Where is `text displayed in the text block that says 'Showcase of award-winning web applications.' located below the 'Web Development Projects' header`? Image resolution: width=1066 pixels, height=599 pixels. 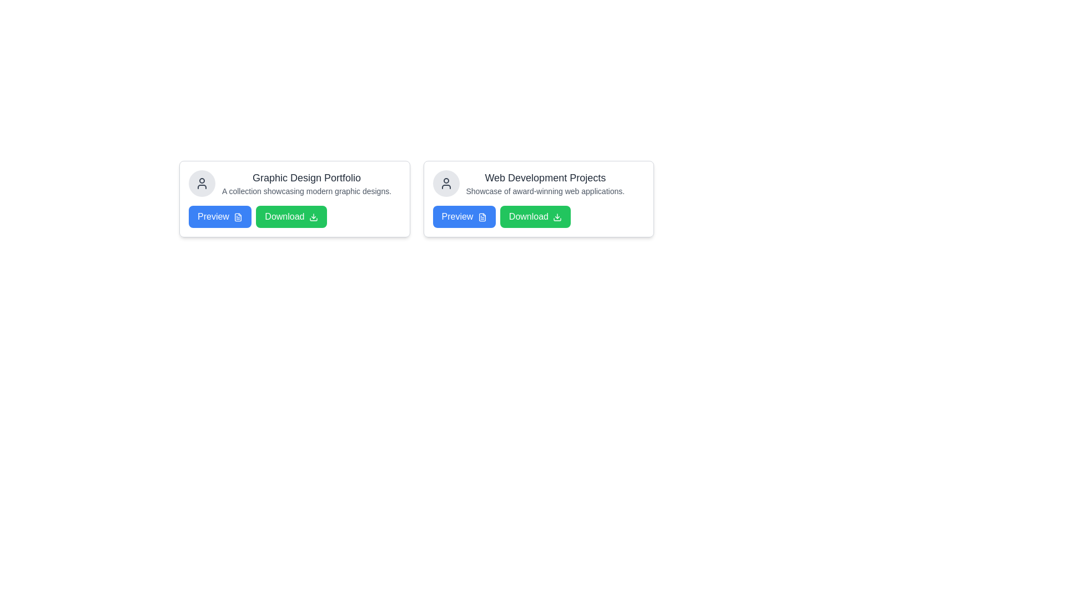 text displayed in the text block that says 'Showcase of award-winning web applications.' located below the 'Web Development Projects' header is located at coordinates (545, 190).